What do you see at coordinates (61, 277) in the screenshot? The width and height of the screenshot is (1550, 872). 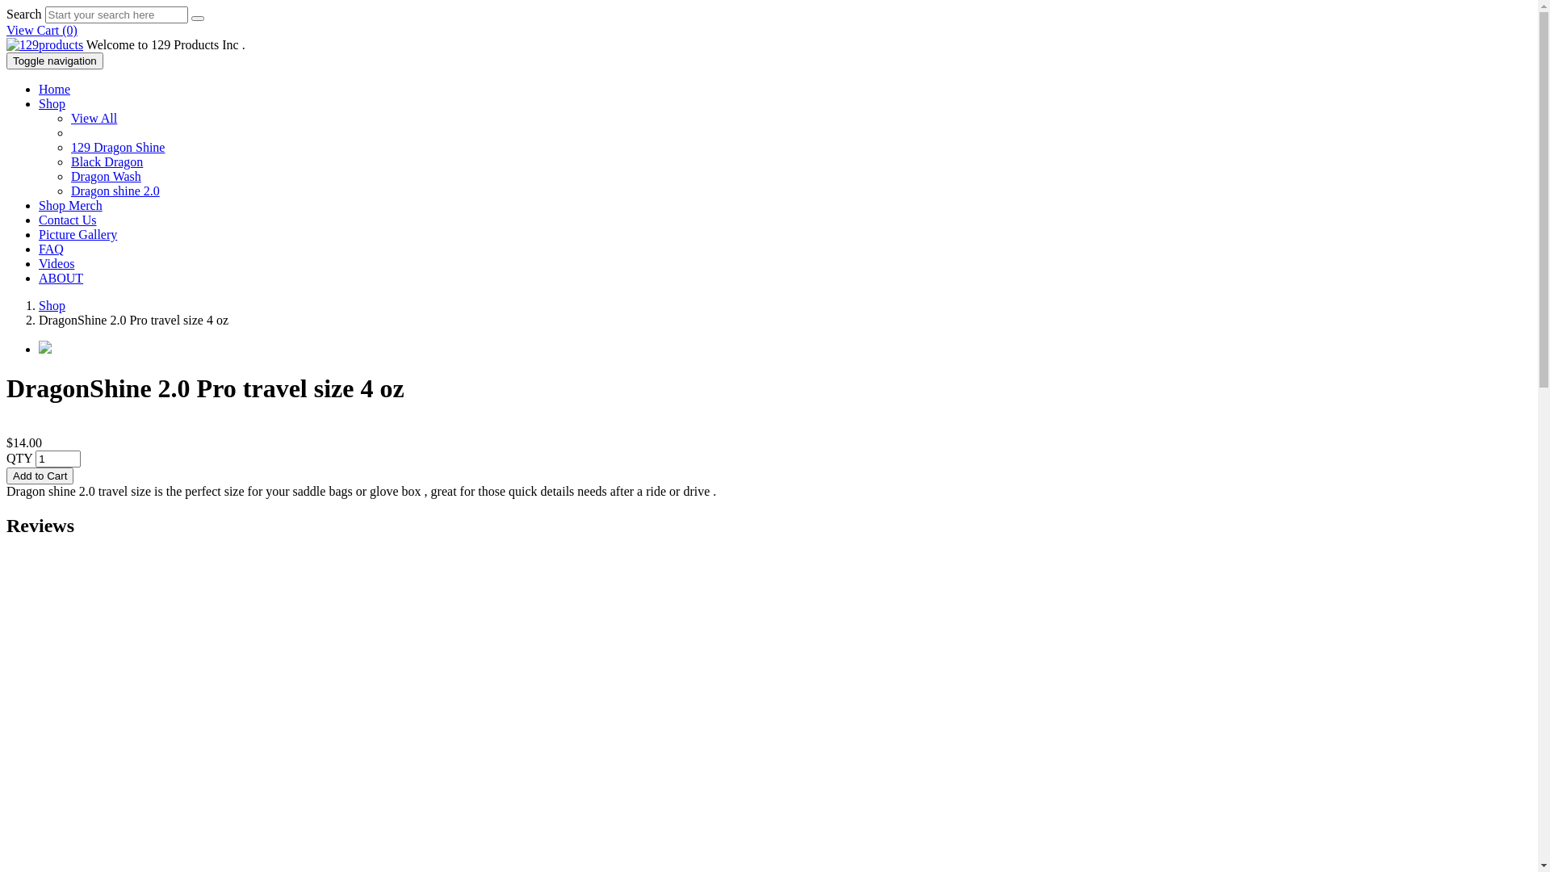 I see `'ABOUT'` at bounding box center [61, 277].